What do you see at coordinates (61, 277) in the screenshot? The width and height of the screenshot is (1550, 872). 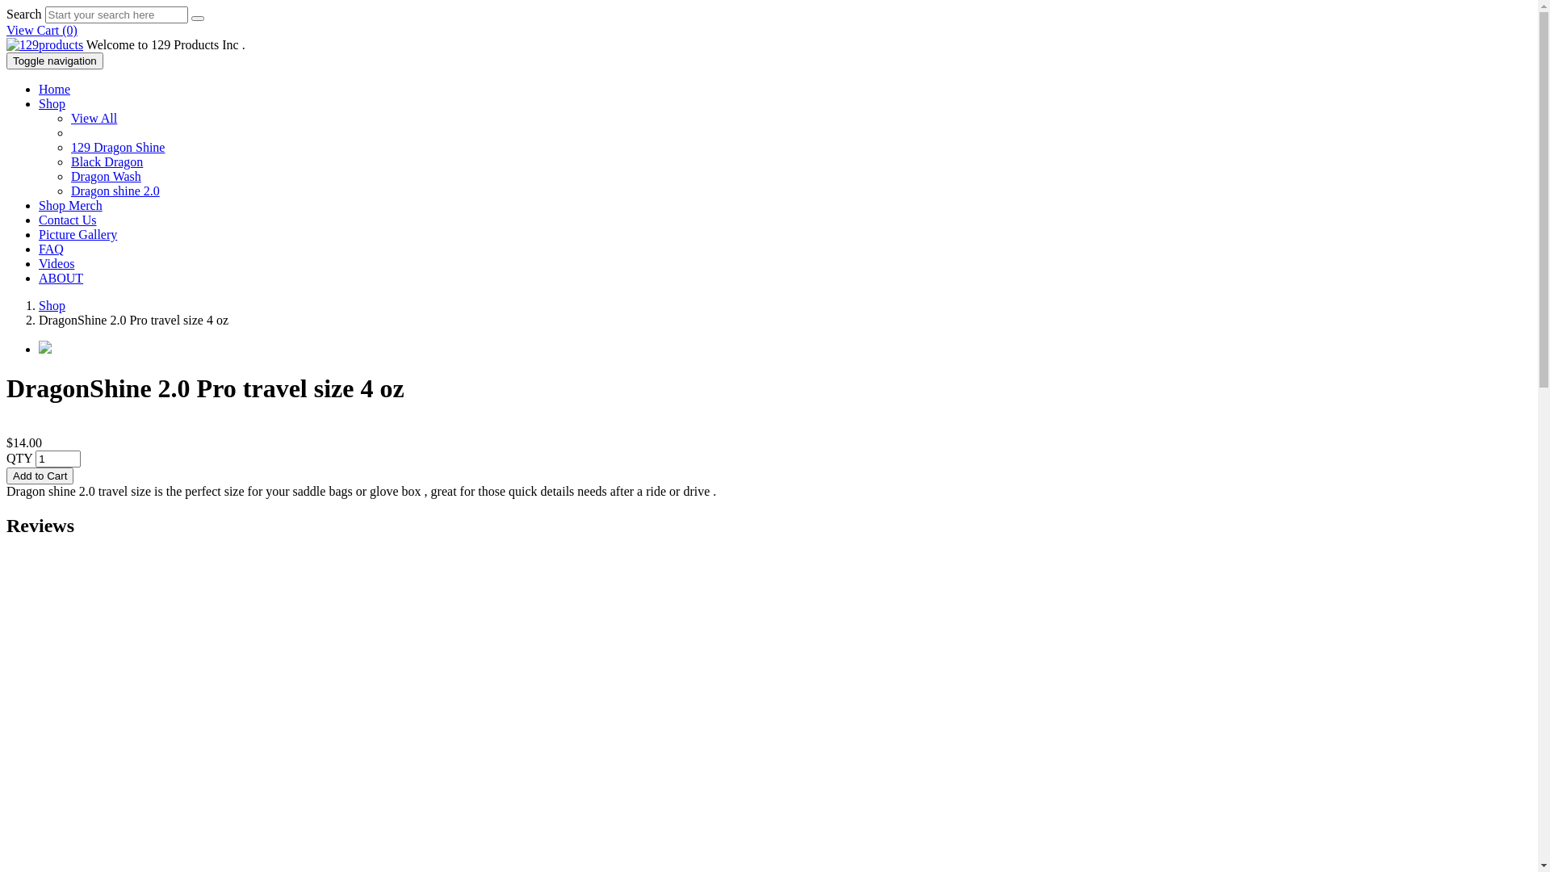 I see `'ABOUT'` at bounding box center [61, 277].